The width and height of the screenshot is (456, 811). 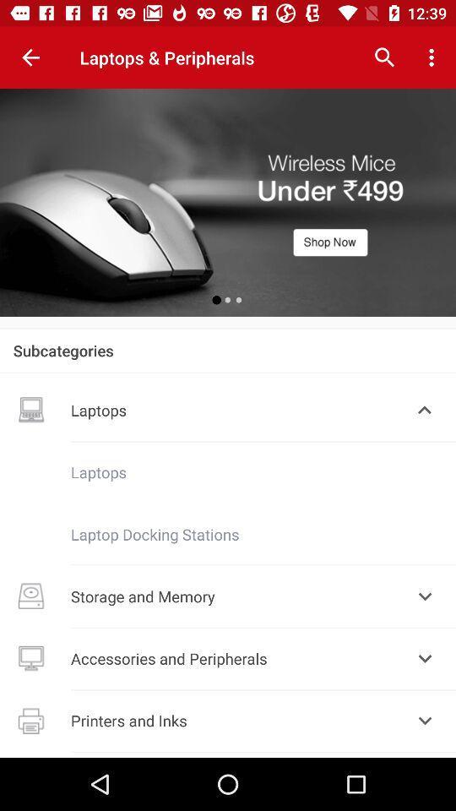 I want to click on the icon to the left of the laptops & peripherals, so click(x=30, y=57).